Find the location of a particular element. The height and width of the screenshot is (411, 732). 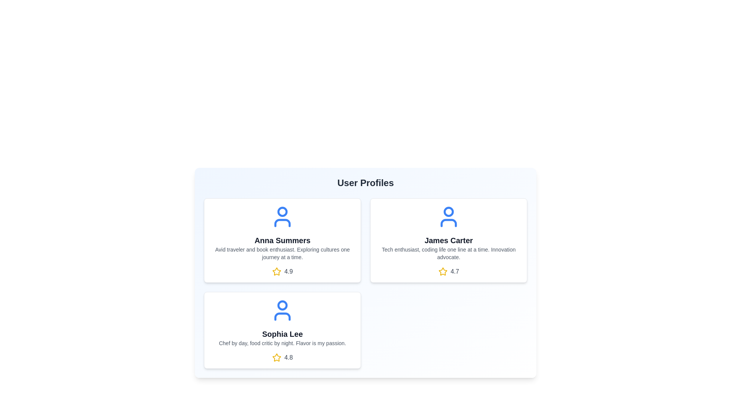

the rating for a user card to 1 stars is located at coordinates (276, 271).